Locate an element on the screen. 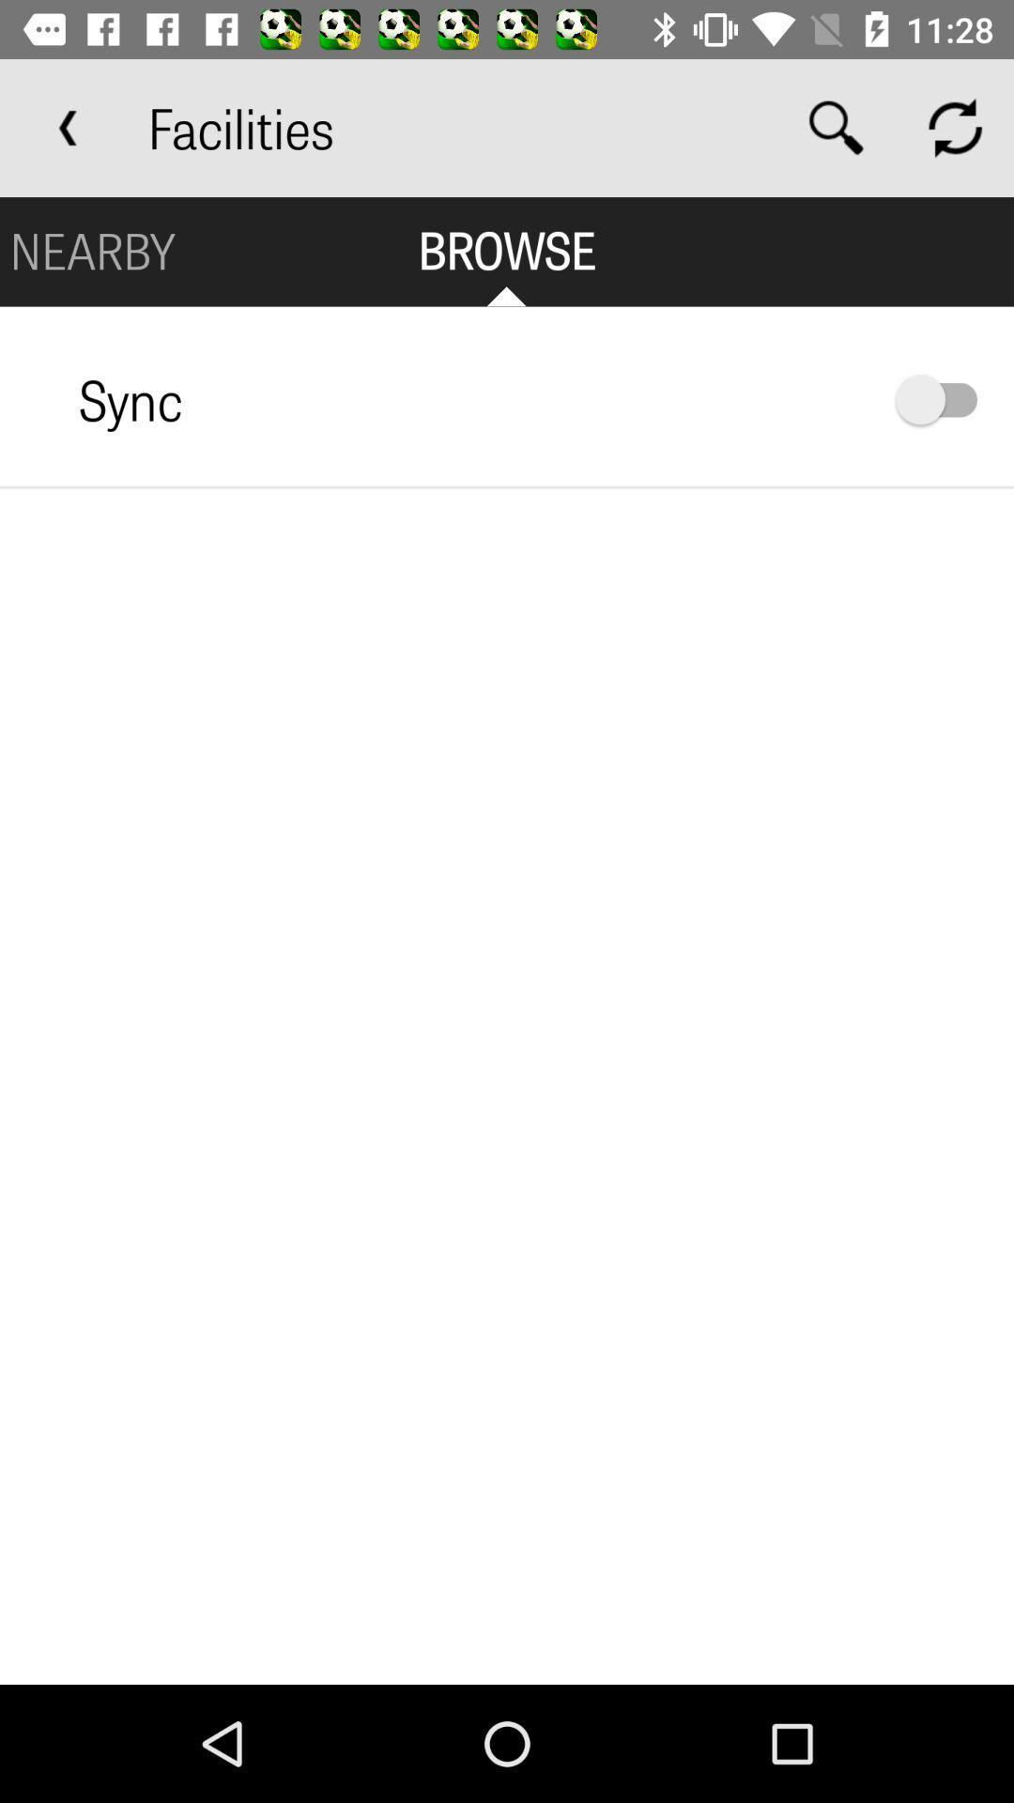 This screenshot has width=1014, height=1803. the app to the left of the facilities is located at coordinates (68, 127).